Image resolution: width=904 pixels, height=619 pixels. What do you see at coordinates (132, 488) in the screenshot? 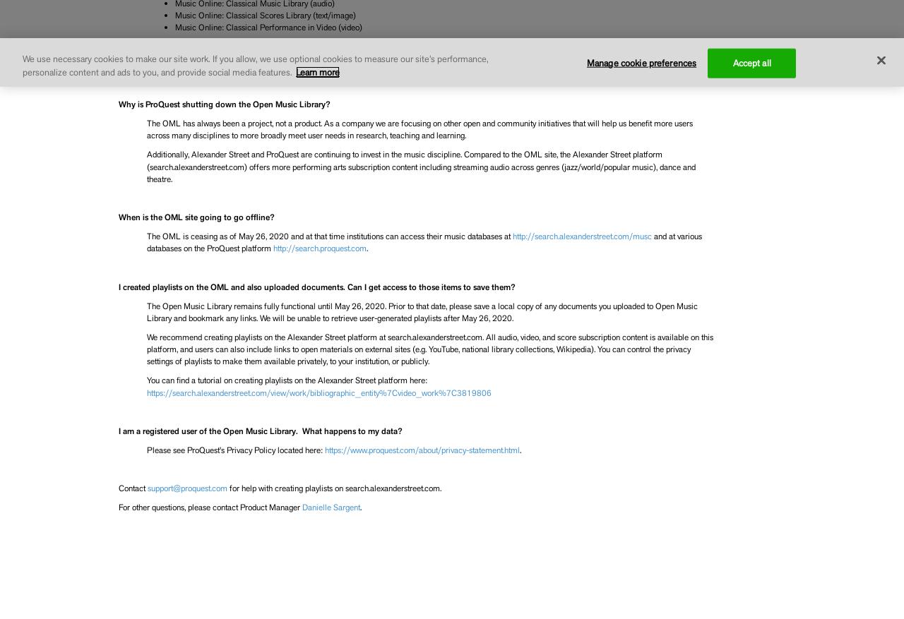
I see `'Contact'` at bounding box center [132, 488].